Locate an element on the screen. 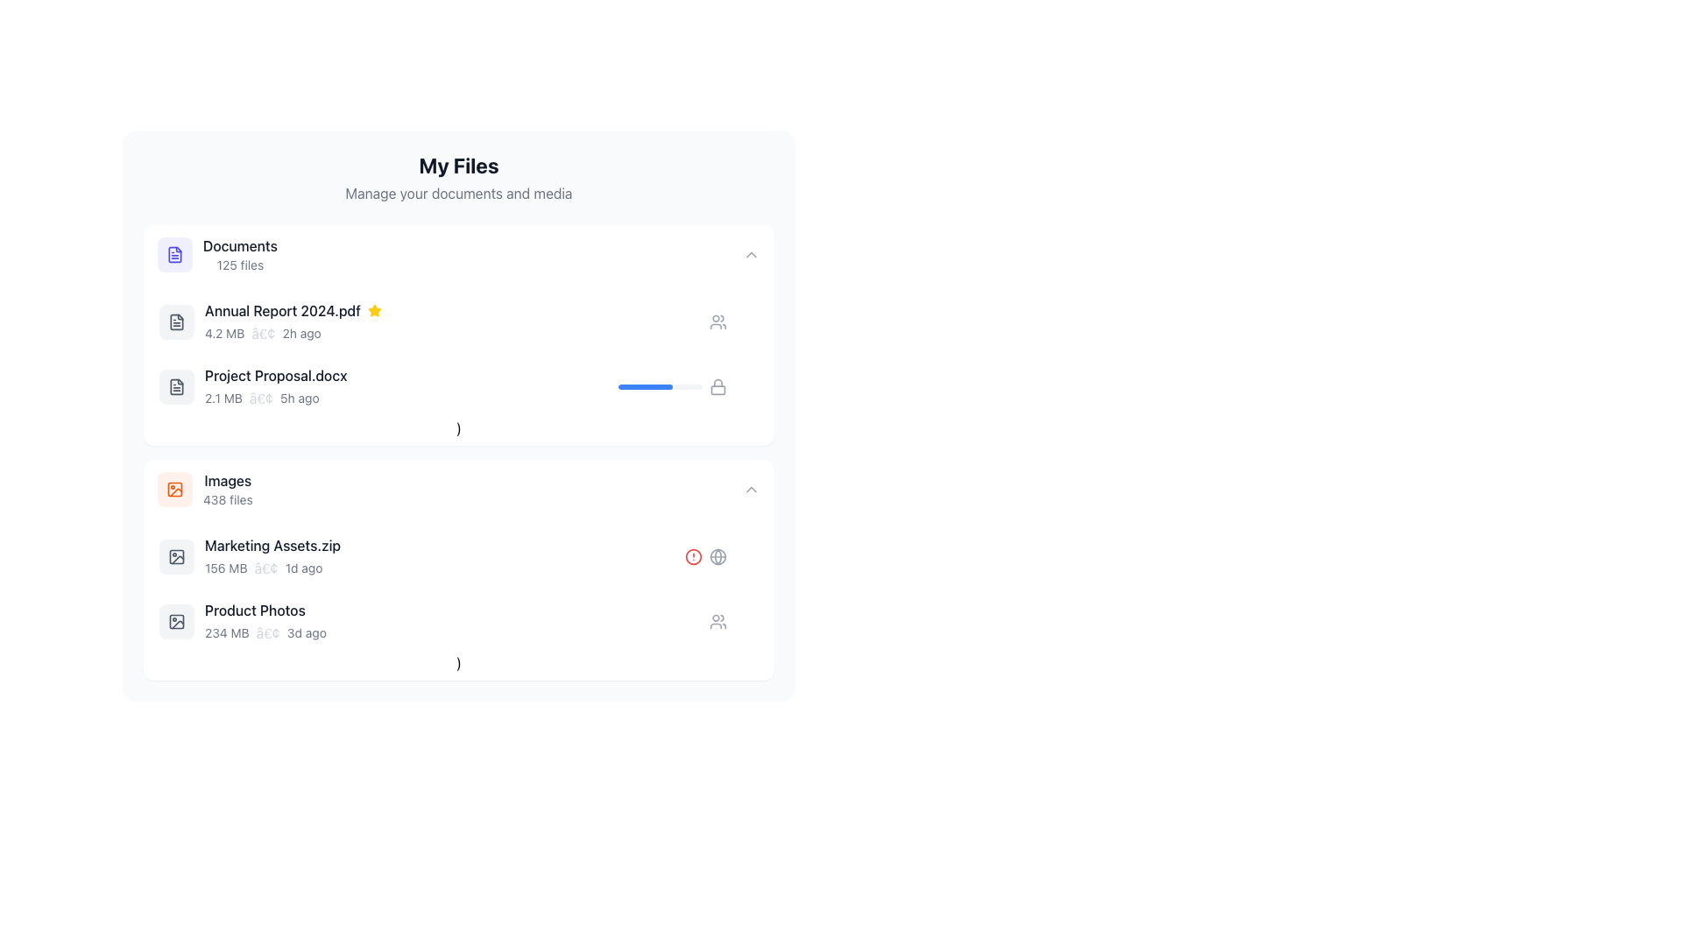 This screenshot has height=946, width=1682. the 'Documents' category displayed in bold dark gray text, which shows 'Documents' on the first line and '125 files' on the second line, located adjacent to a purple icon with a document graphic is located at coordinates (239, 254).